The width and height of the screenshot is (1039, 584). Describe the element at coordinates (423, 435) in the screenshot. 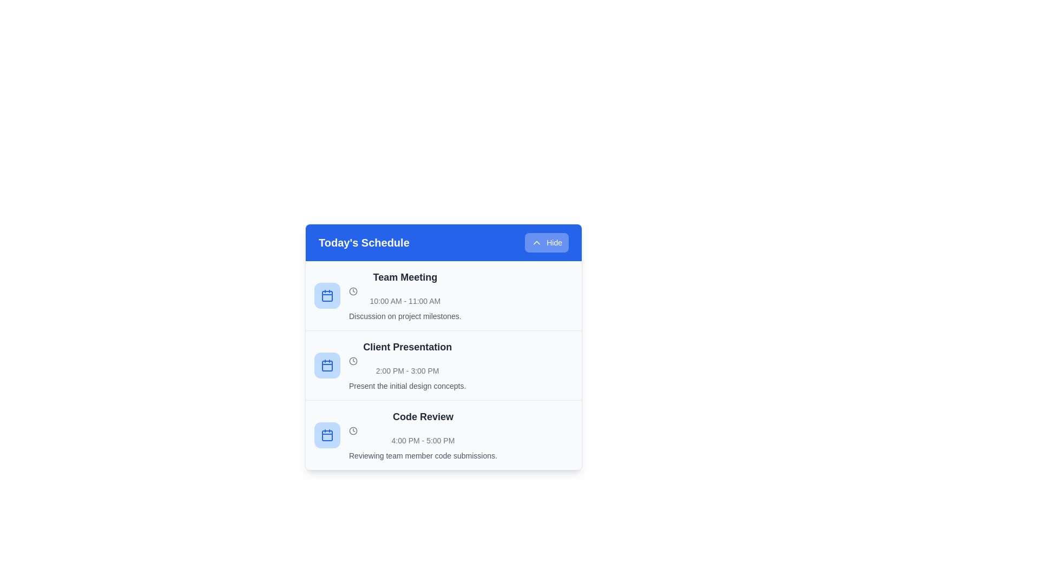

I see `text label displaying the scheduled time for the 'Code Review' session to understand the schedule timing` at that location.